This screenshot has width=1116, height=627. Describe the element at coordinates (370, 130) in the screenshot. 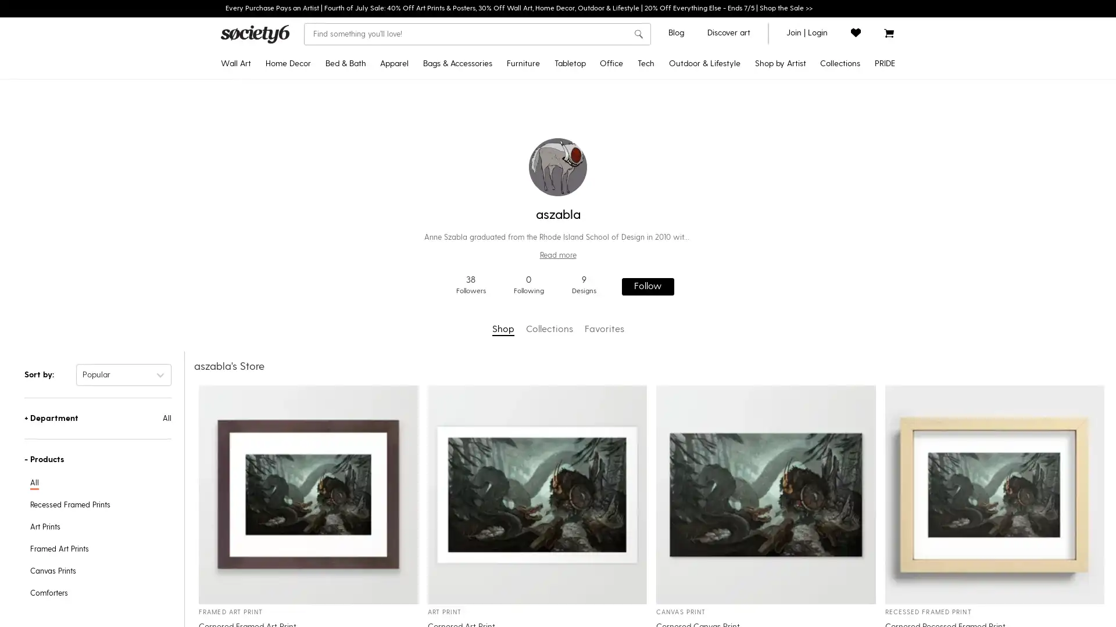

I see `Pillow Shams` at that location.